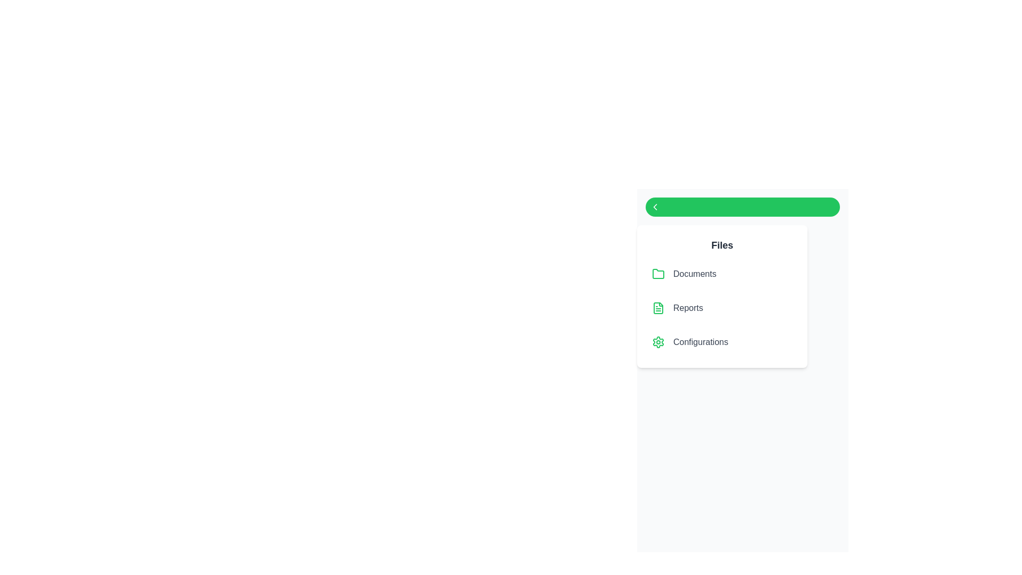 The image size is (1022, 575). What do you see at coordinates (722, 308) in the screenshot?
I see `the file item labeled 'Reports' to select it` at bounding box center [722, 308].